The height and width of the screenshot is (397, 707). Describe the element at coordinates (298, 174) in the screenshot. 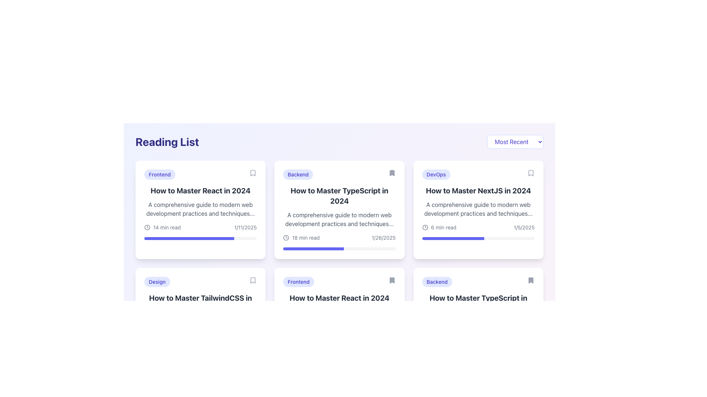

I see `the non-interactive badge element representing 'Backend' located in the second card above the title 'How to Master TypeScript in 2024'` at that location.